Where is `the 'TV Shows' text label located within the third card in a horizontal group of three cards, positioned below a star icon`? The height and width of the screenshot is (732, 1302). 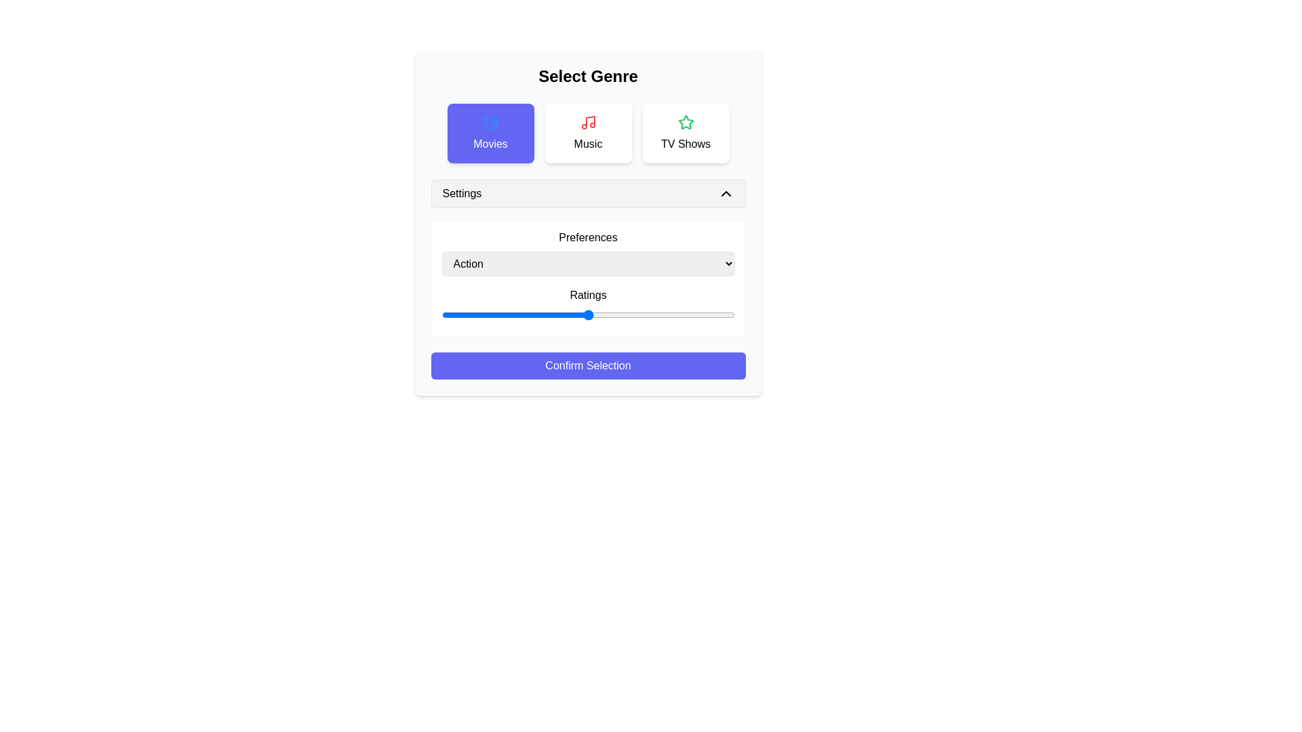 the 'TV Shows' text label located within the third card in a horizontal group of three cards, positioned below a star icon is located at coordinates (686, 144).